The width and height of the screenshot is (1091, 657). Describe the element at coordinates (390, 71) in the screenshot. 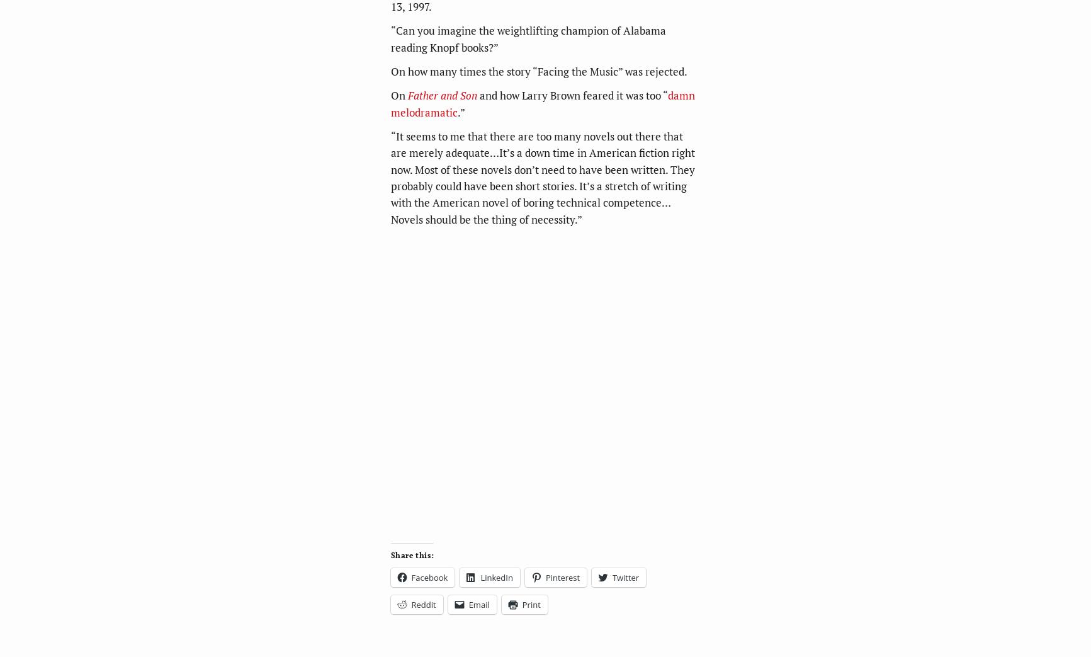

I see `'On how many times the story “Facing the Music” was rejected.'` at that location.